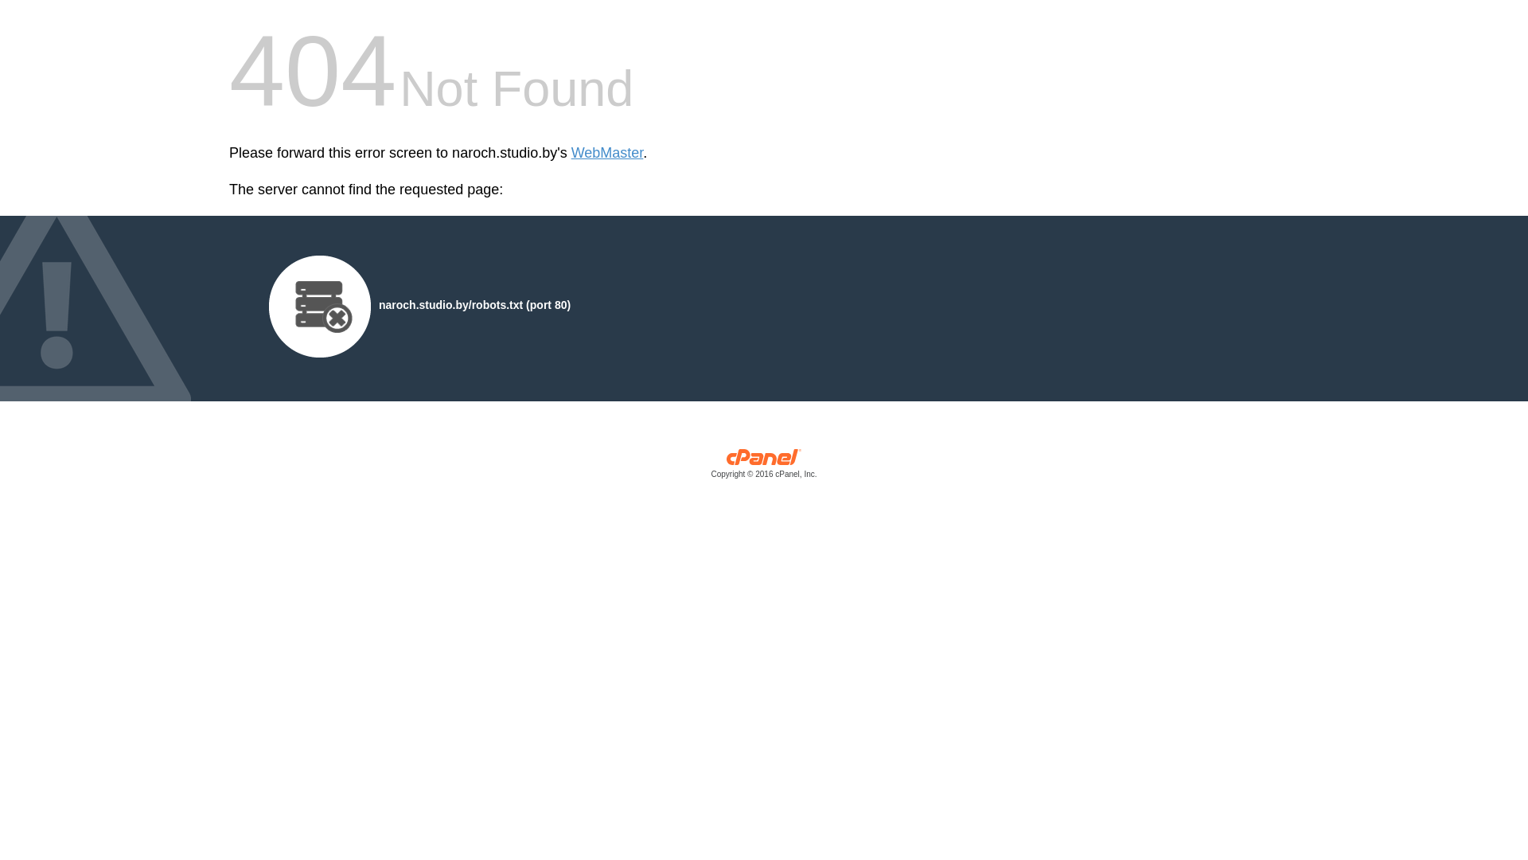 The image size is (1528, 860). Describe the element at coordinates (606, 153) in the screenshot. I see `'WebMaster'` at that location.